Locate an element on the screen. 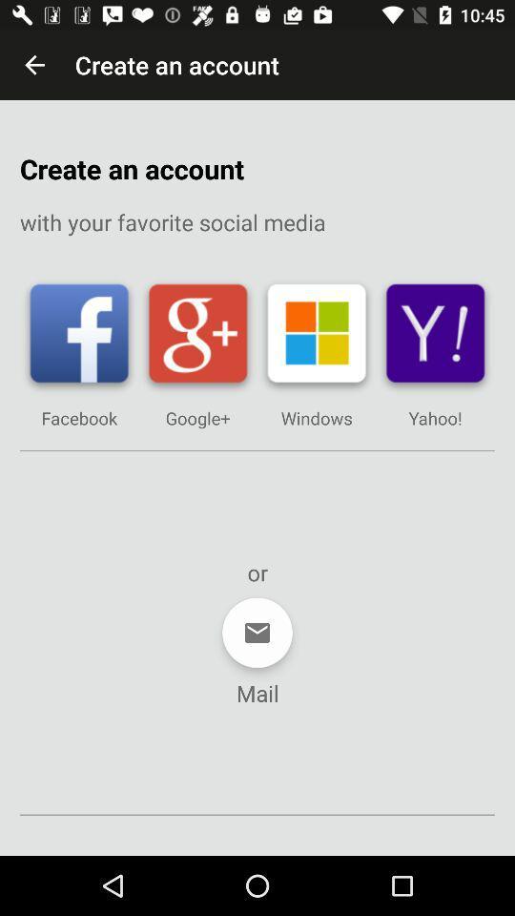  the item to the left of the create an account item is located at coordinates (34, 65).